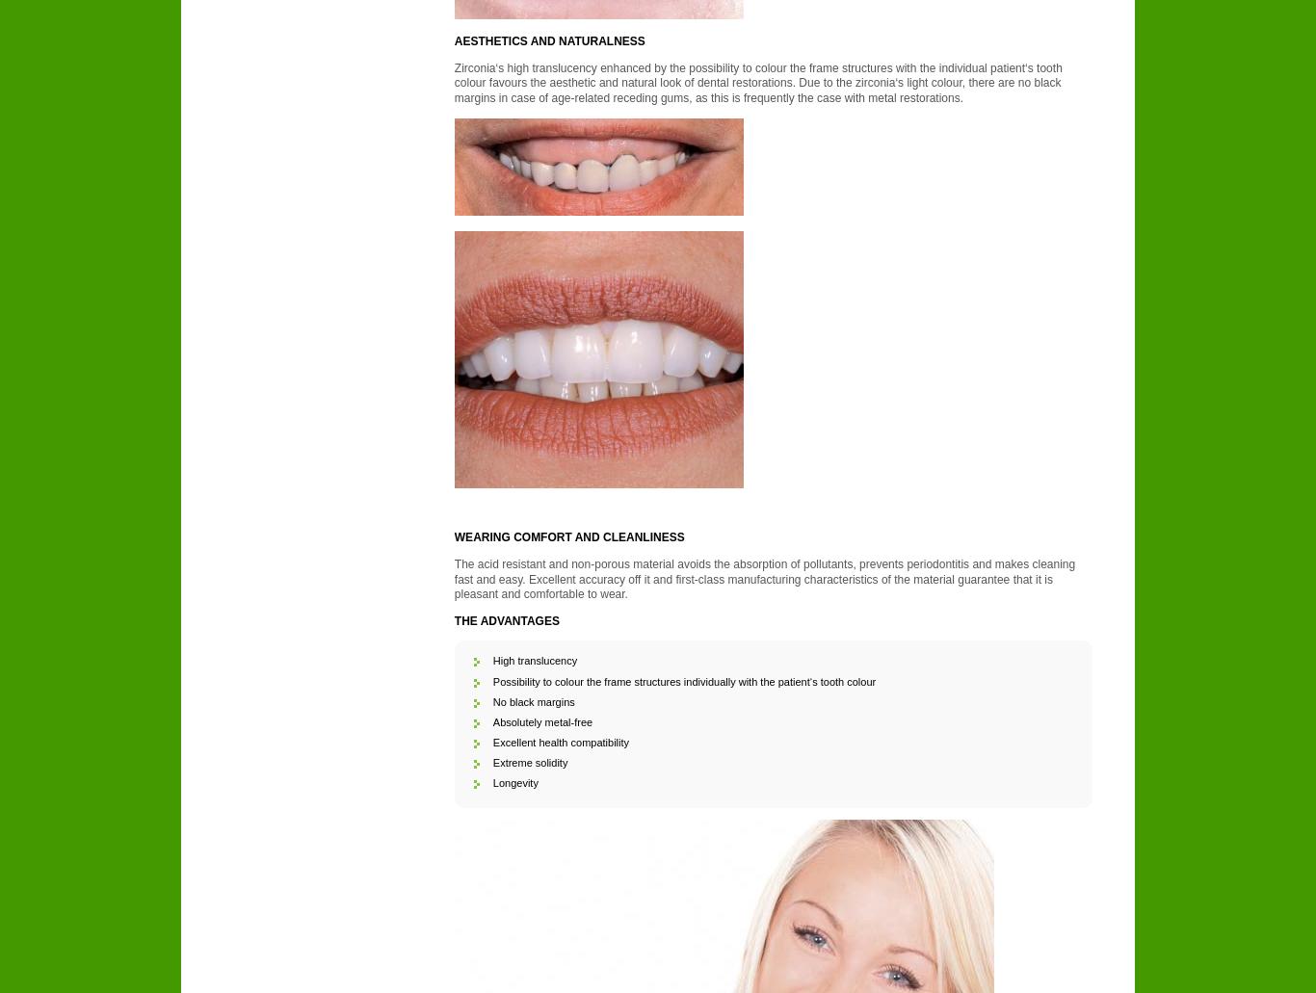 The height and width of the screenshot is (993, 1316). I want to click on 'No black margins', so click(533, 699).